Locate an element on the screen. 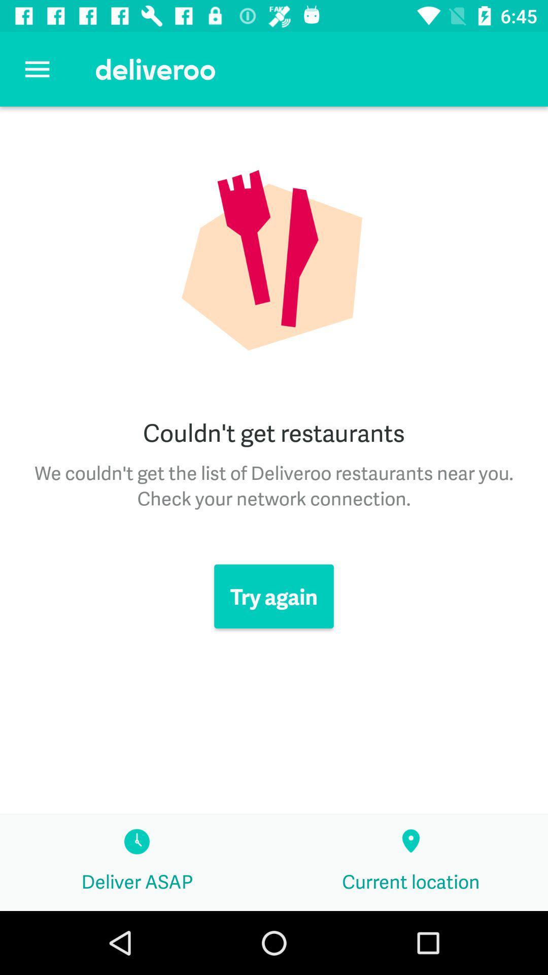 This screenshot has height=975, width=548. icon to the right of deliver asap item is located at coordinates (411, 862).